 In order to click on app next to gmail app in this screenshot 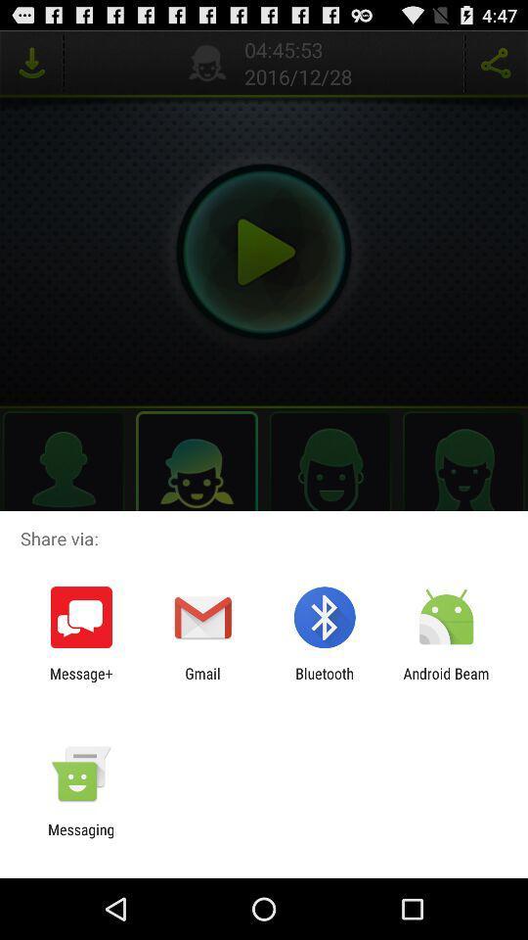, I will do `click(325, 681)`.